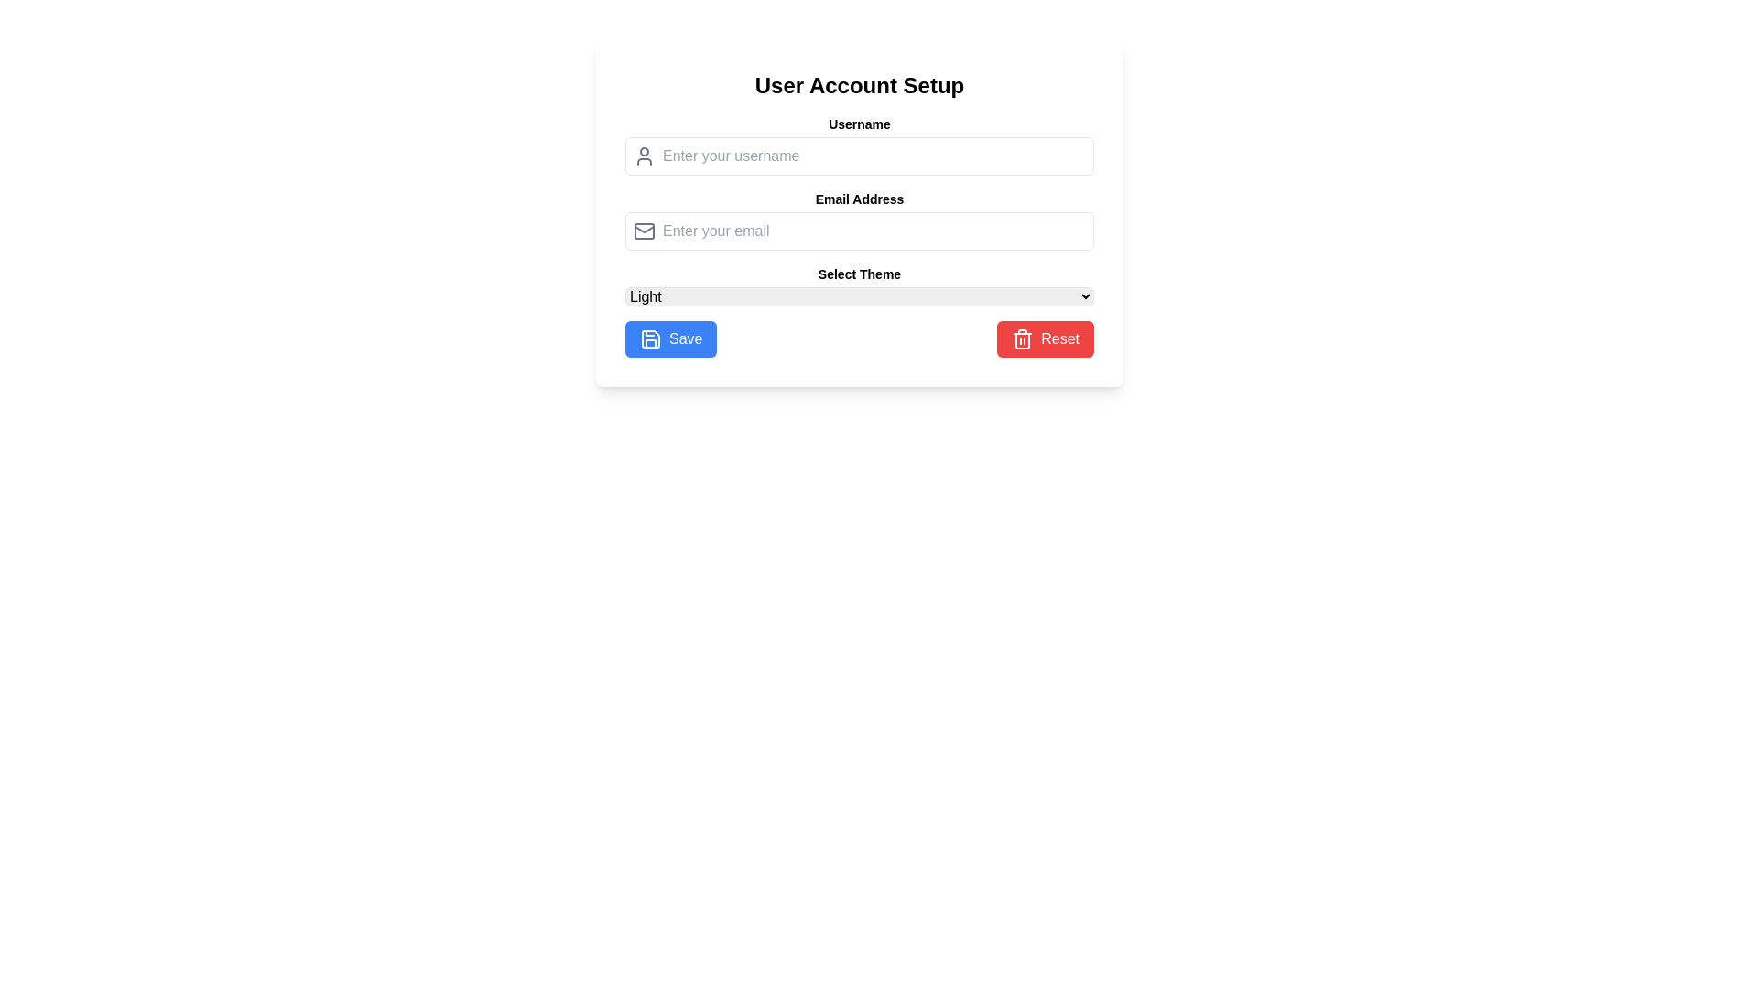  Describe the element at coordinates (650, 338) in the screenshot. I see `the 'Save' icon located on the left side of the blue 'Save' button in the 'User Account Setup' interface` at that location.